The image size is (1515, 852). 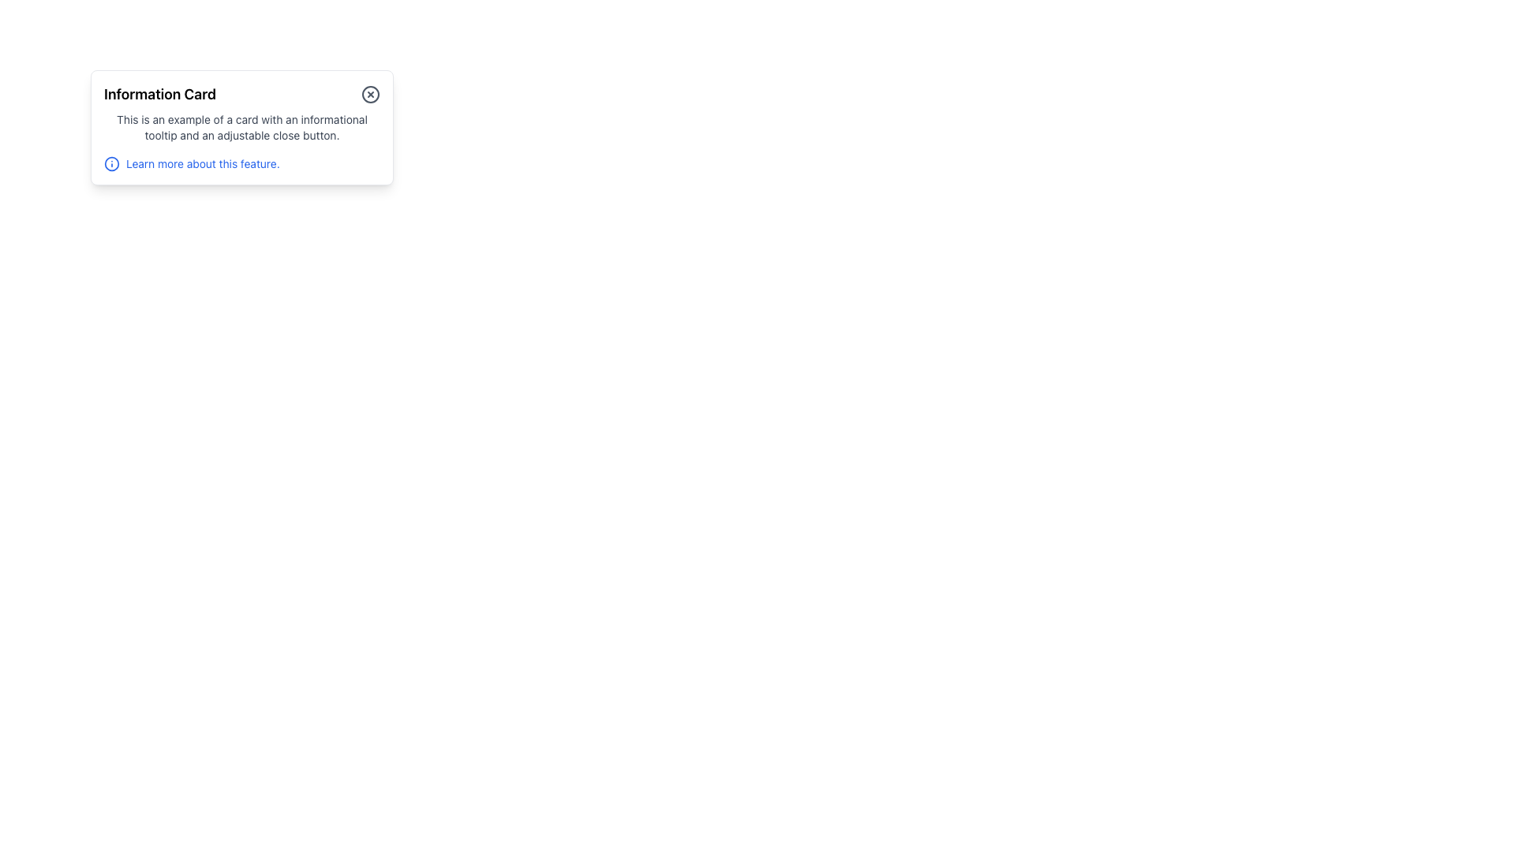 I want to click on the text statement 'Learn more about this feature.' which is styled with a small font size and blue color, located at the bottom of the informational card, following the information icon, so click(x=202, y=164).